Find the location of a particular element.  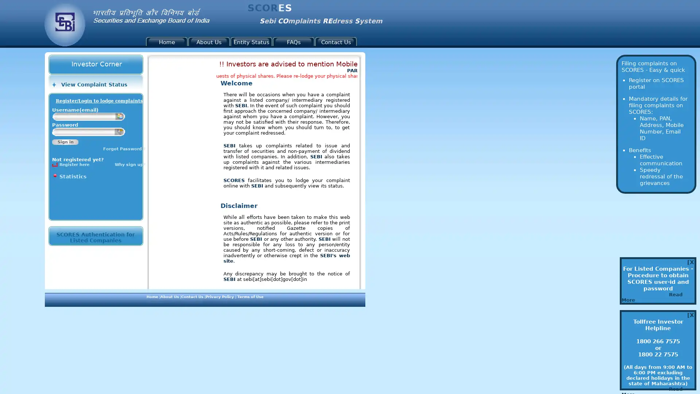

Sign in is located at coordinates (65, 142).